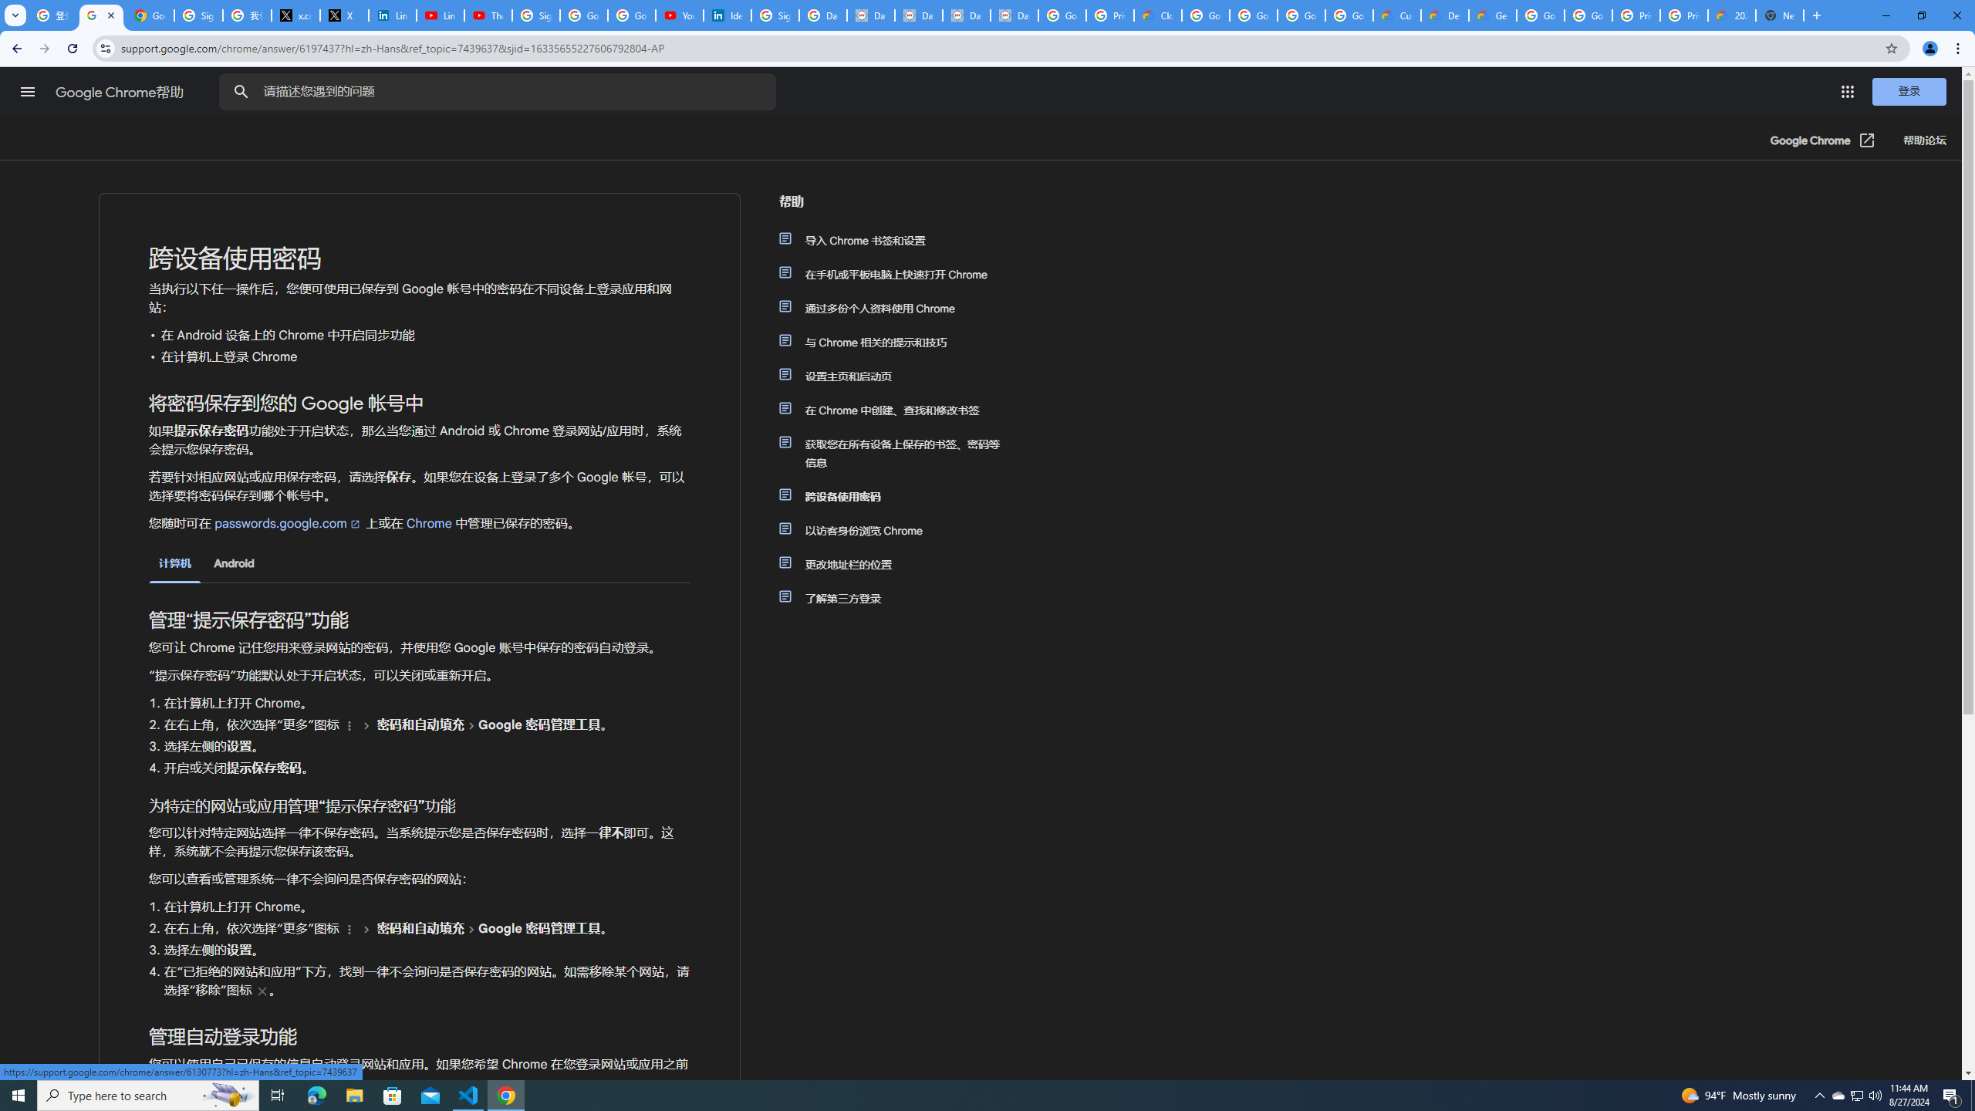  Describe the element at coordinates (440, 15) in the screenshot. I see `'LinkedIn - YouTube'` at that location.